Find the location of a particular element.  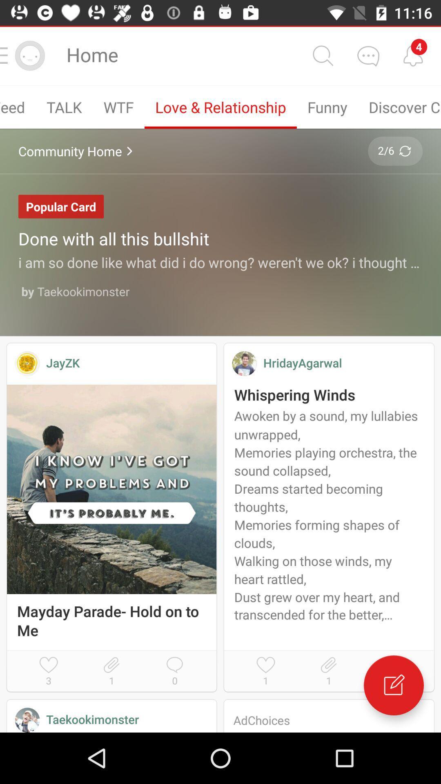

back is located at coordinates (368, 55).